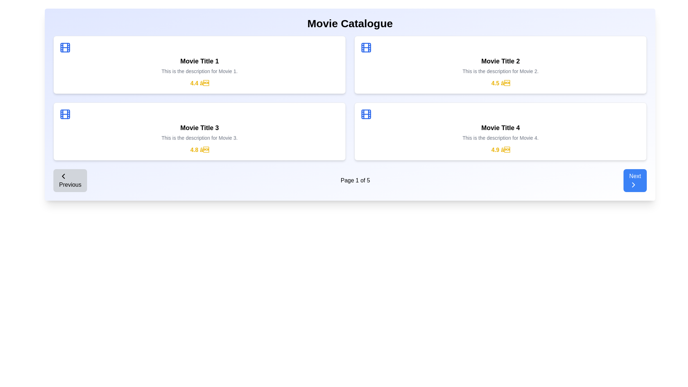 The image size is (688, 387). Describe the element at coordinates (65, 114) in the screenshot. I see `the icon in the top-left corner of the third block titled 'Movie Title 3' in the movie catalogue view, which indicates content related to a film or movie` at that location.